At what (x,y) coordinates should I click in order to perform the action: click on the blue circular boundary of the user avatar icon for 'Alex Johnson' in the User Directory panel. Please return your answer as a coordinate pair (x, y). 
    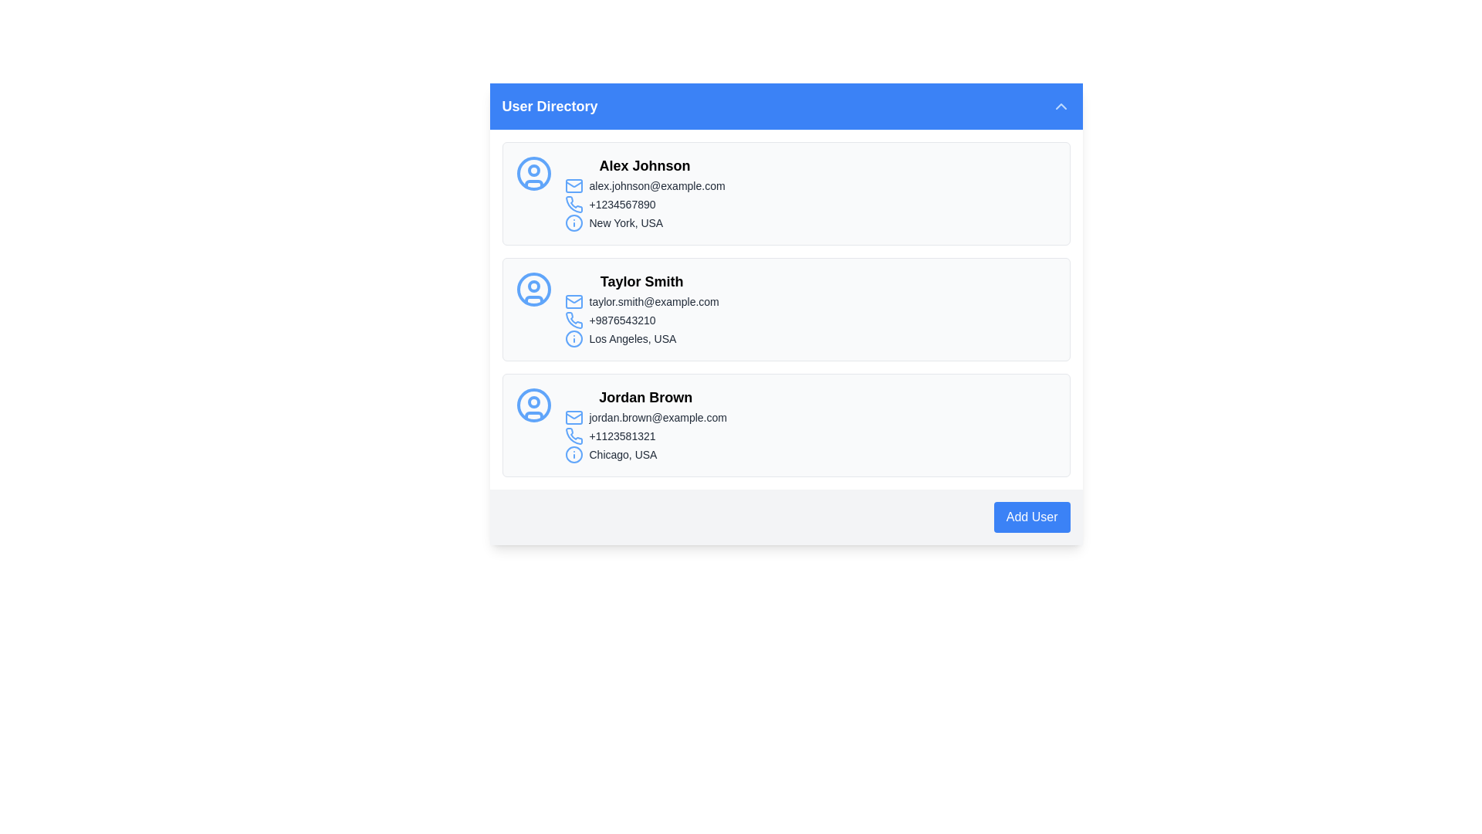
    Looking at the image, I should click on (533, 173).